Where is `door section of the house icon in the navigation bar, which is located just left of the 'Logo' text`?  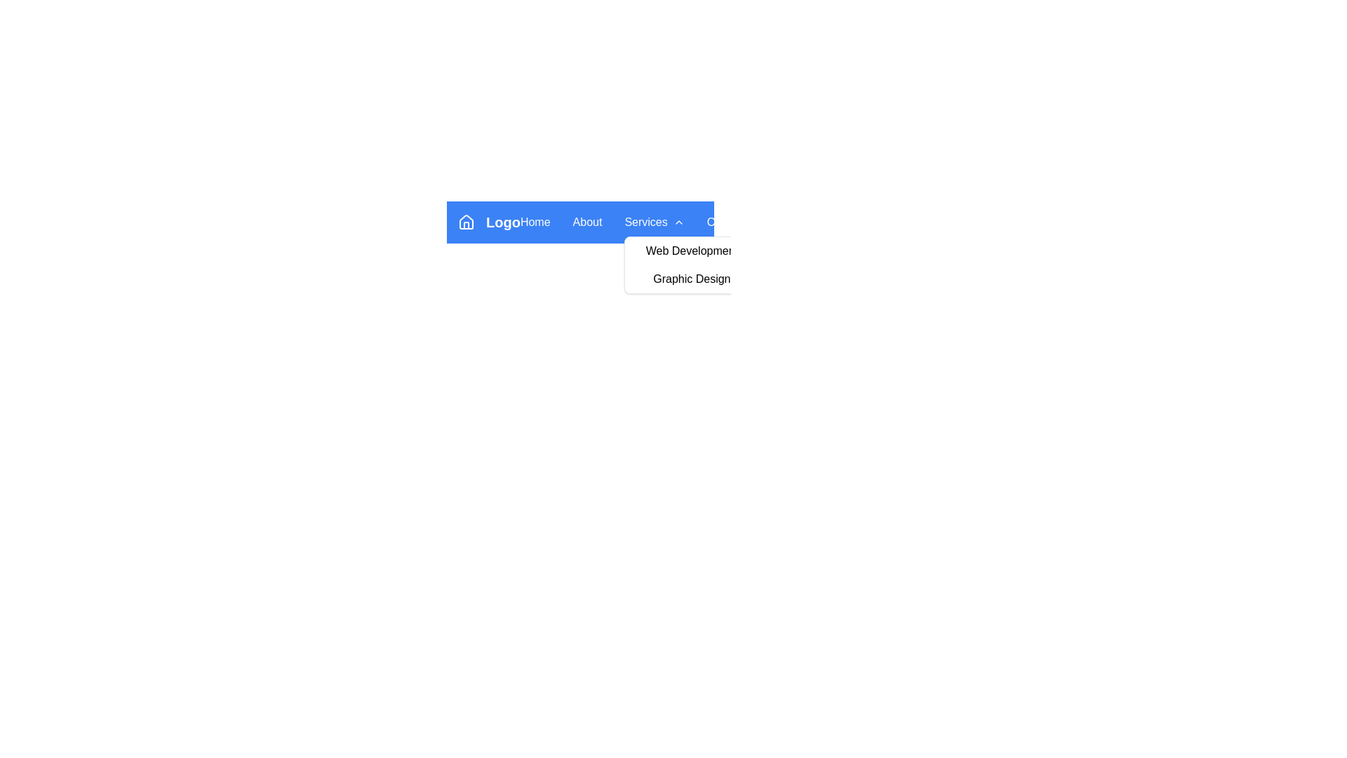 door section of the house icon in the navigation bar, which is located just left of the 'Logo' text is located at coordinates (467, 225).